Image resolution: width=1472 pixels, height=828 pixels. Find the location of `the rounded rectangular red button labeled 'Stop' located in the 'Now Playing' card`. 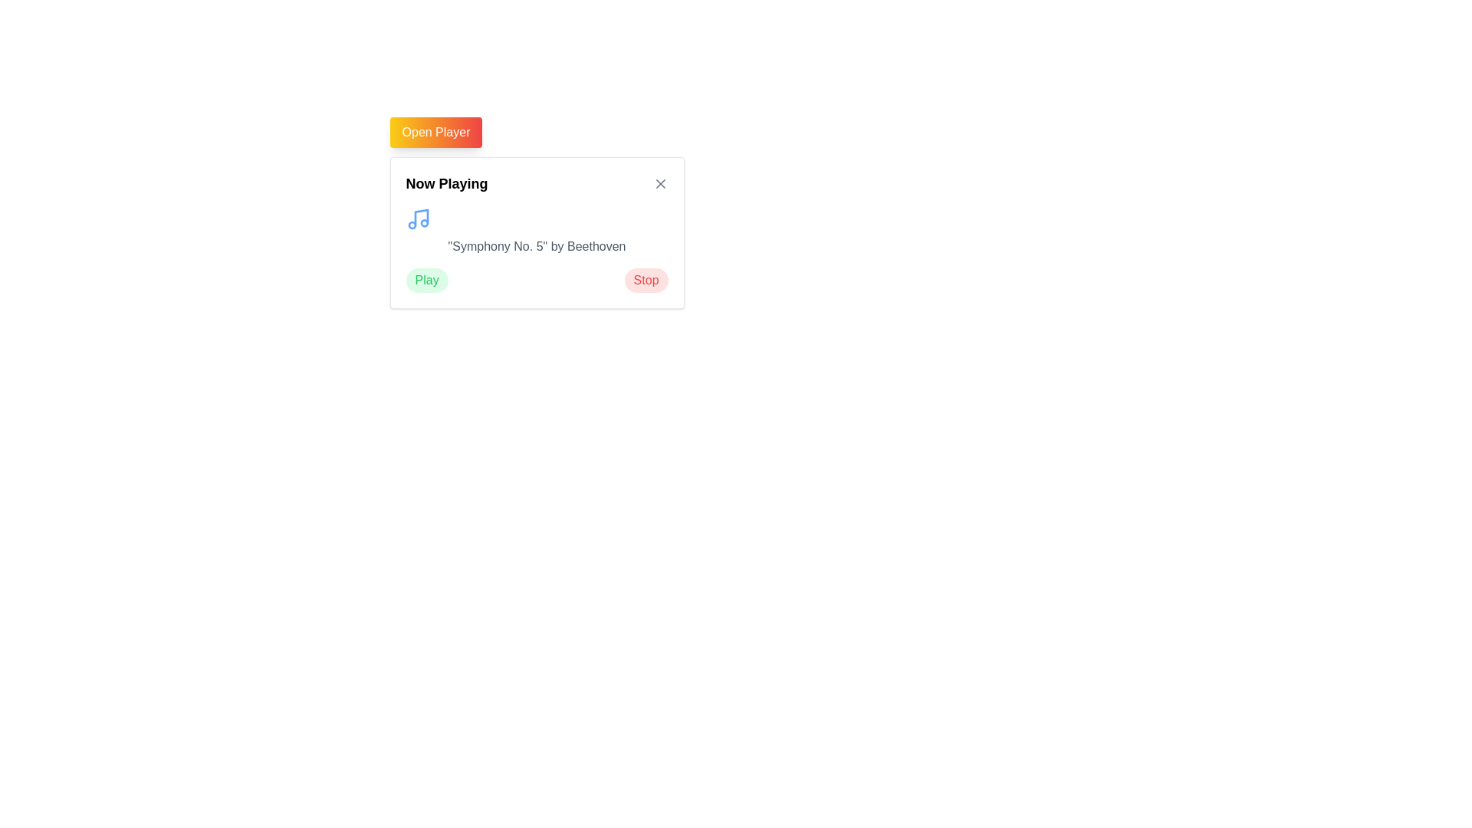

the rounded rectangular red button labeled 'Stop' located in the 'Now Playing' card is located at coordinates (646, 281).